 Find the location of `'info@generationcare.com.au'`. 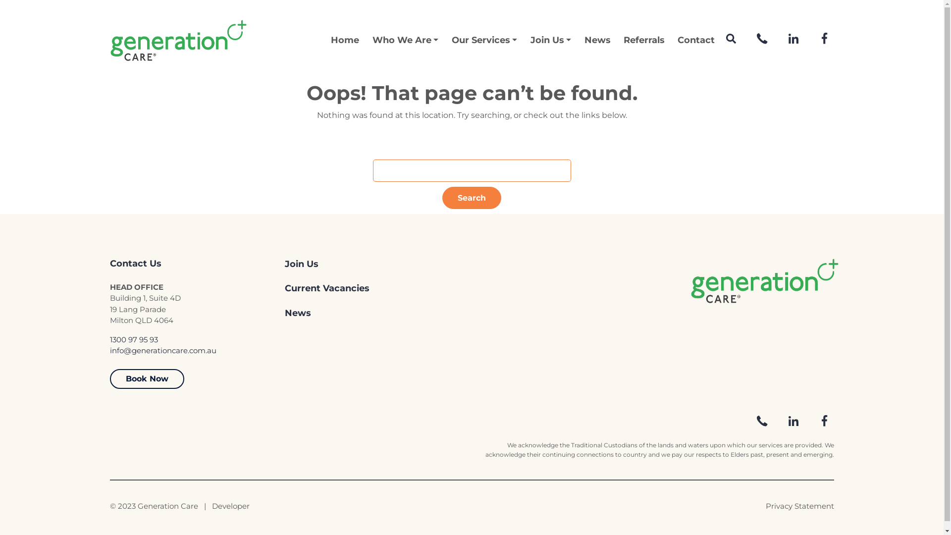

'info@generationcare.com.au' is located at coordinates (109, 350).